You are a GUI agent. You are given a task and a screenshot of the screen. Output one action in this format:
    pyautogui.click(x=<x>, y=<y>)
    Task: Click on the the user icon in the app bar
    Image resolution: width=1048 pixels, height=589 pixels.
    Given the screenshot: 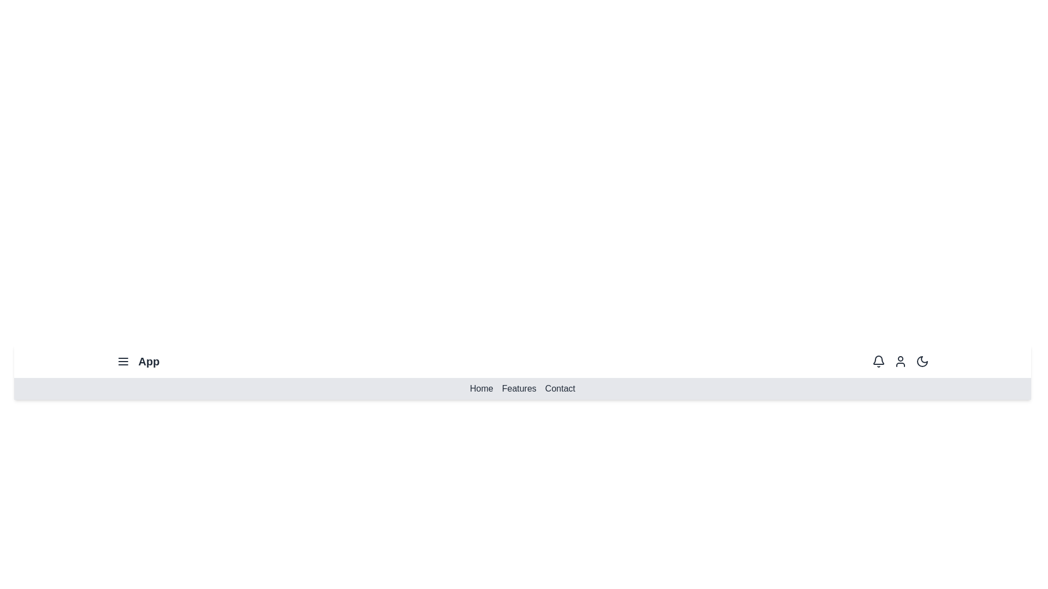 What is the action you would take?
    pyautogui.click(x=900, y=362)
    